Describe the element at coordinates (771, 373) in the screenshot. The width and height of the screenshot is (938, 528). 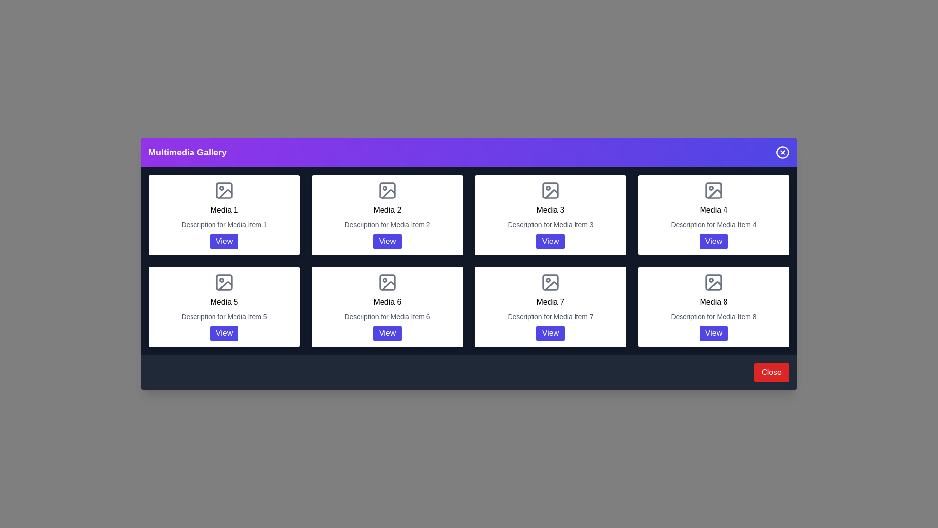
I see `close button in the footer of the EnhancedMediaDialog component` at that location.